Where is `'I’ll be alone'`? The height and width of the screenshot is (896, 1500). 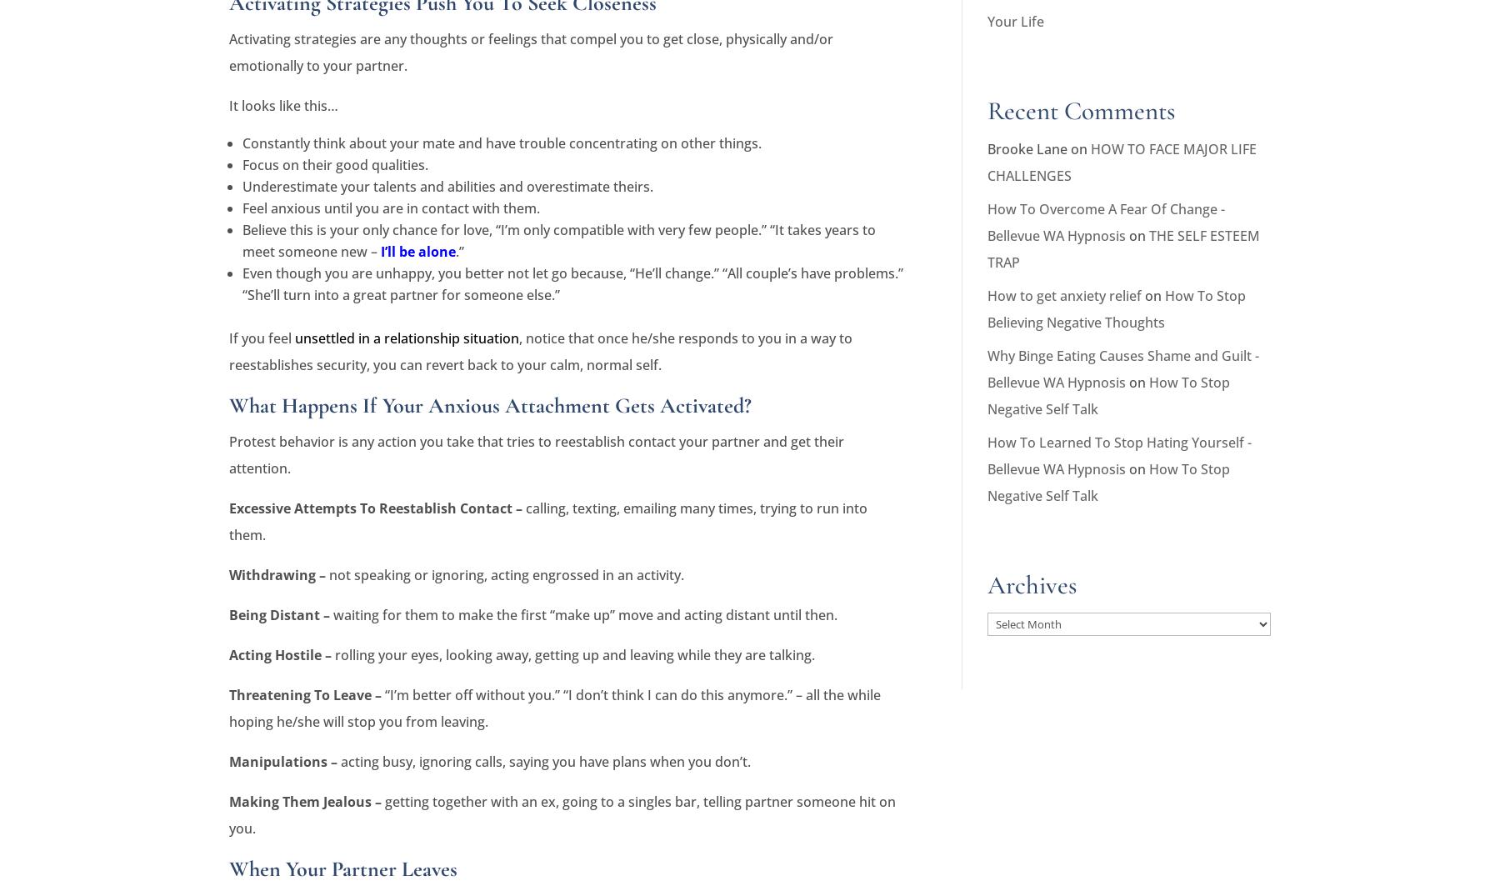
'I’ll be alone' is located at coordinates (417, 250).